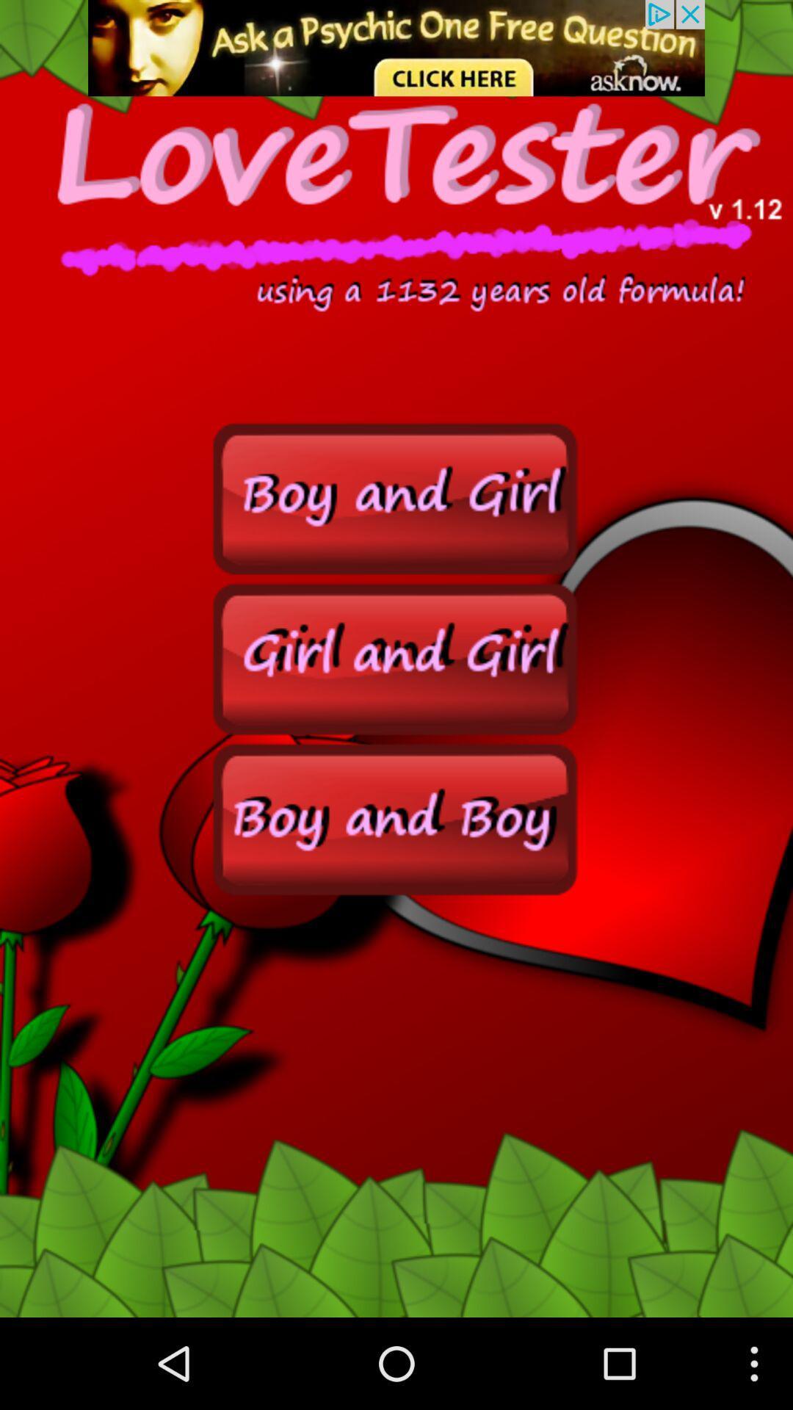 Image resolution: width=793 pixels, height=1410 pixels. What do you see at coordinates (396, 817) in the screenshot?
I see `test for male and female couple` at bounding box center [396, 817].